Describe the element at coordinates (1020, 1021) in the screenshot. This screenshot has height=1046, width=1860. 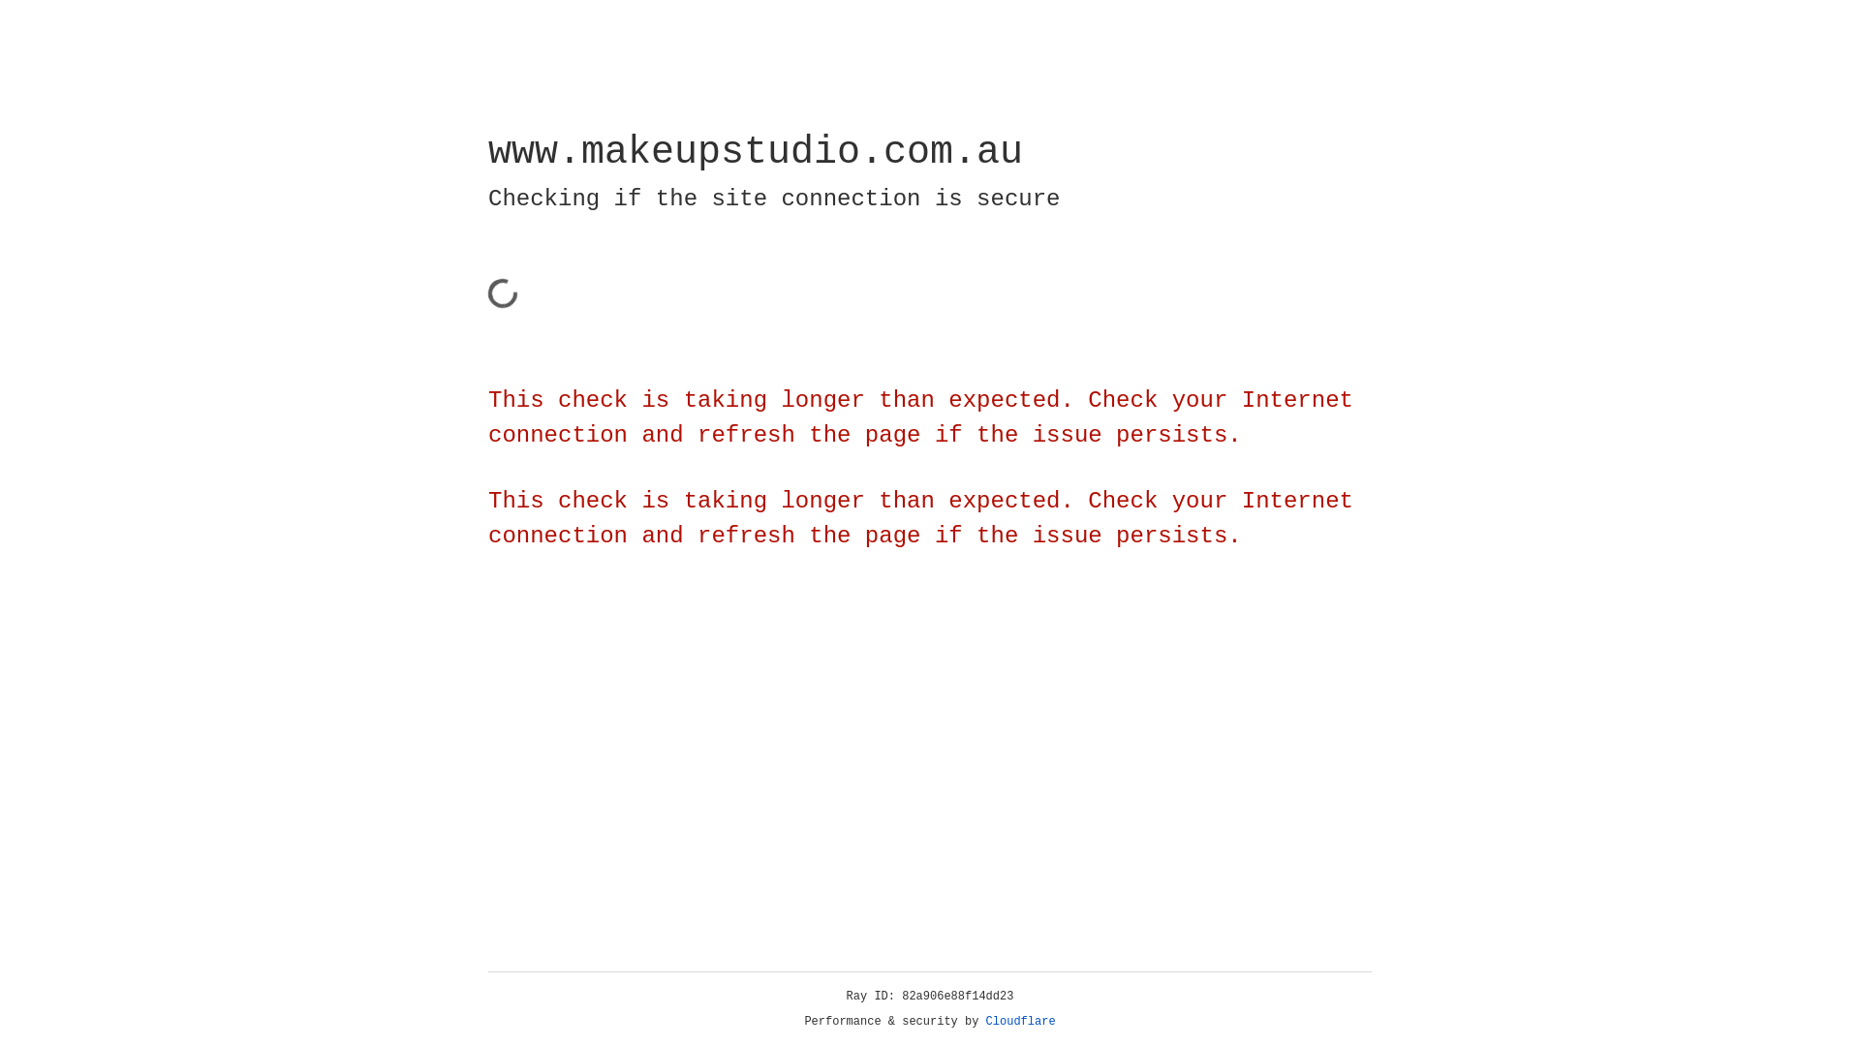
I see `'Cloudflare'` at that location.